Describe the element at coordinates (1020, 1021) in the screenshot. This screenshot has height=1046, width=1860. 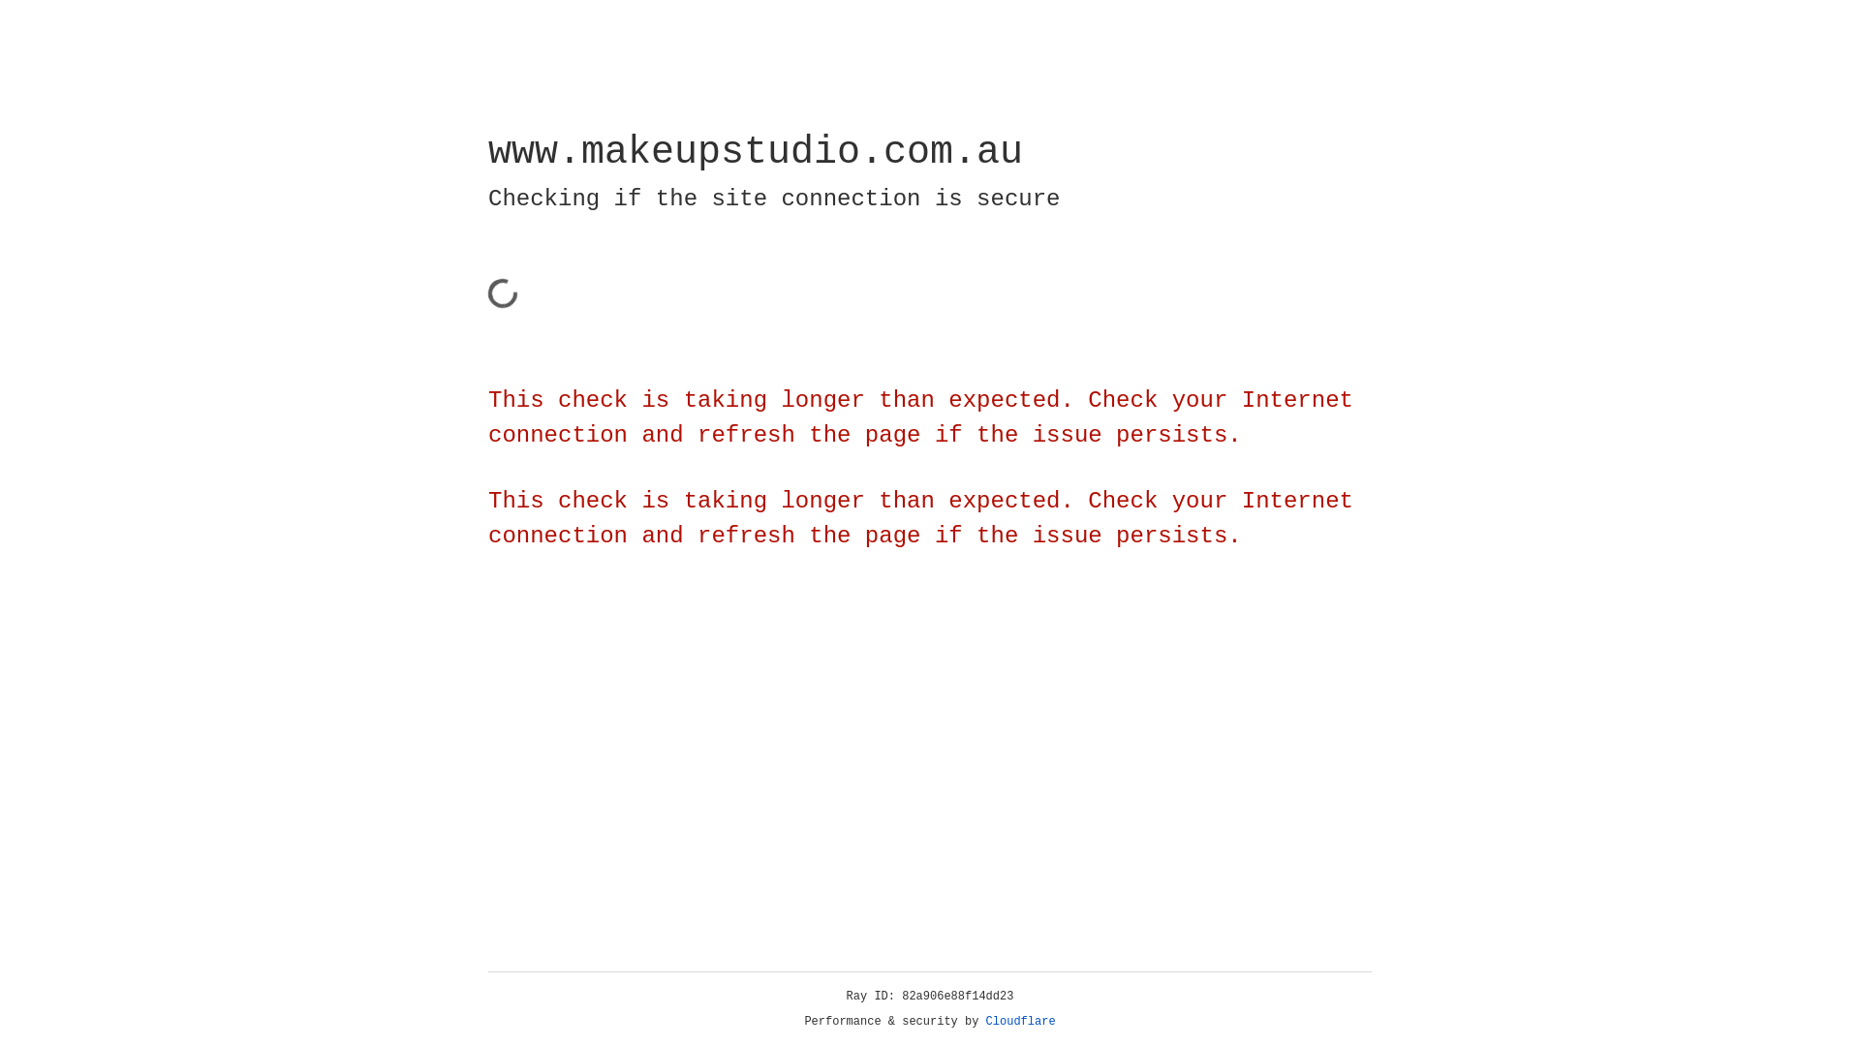
I see `'Cloudflare'` at that location.